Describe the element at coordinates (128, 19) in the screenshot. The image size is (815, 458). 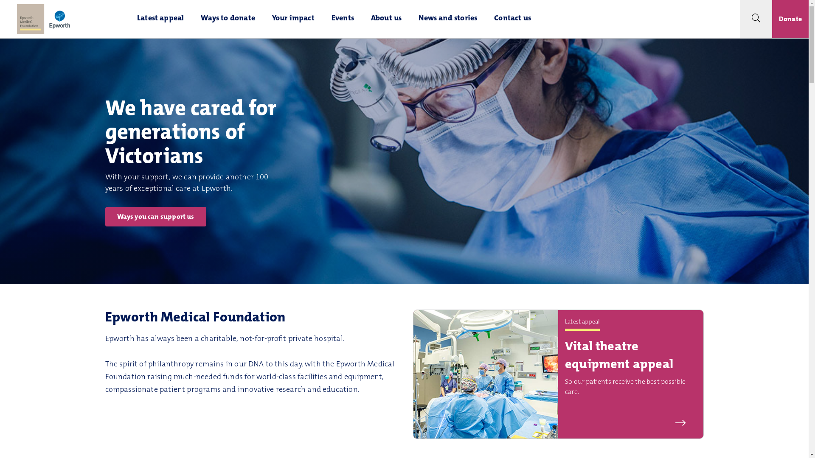
I see `'Latest appeal'` at that location.